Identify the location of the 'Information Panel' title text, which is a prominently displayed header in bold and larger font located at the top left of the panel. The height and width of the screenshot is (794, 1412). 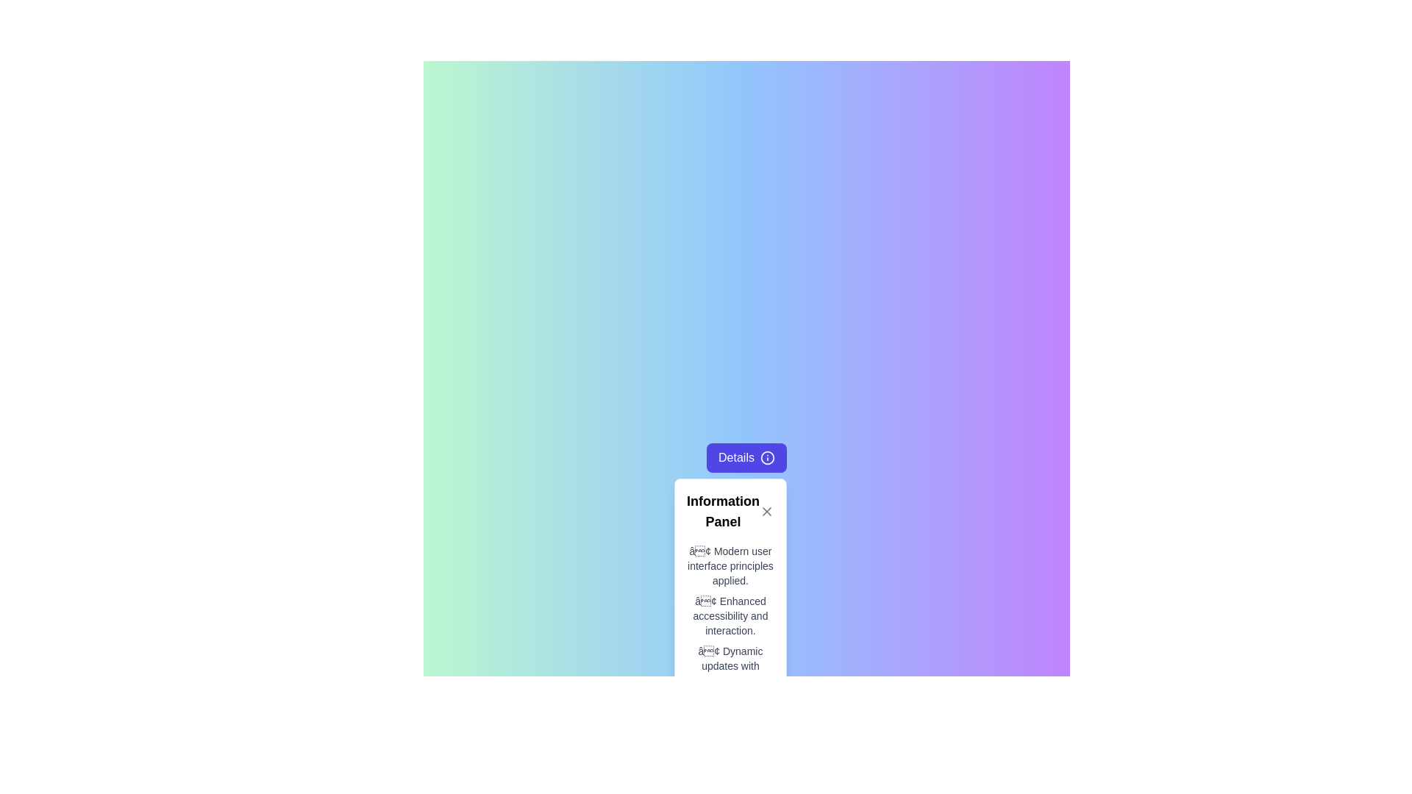
(723, 510).